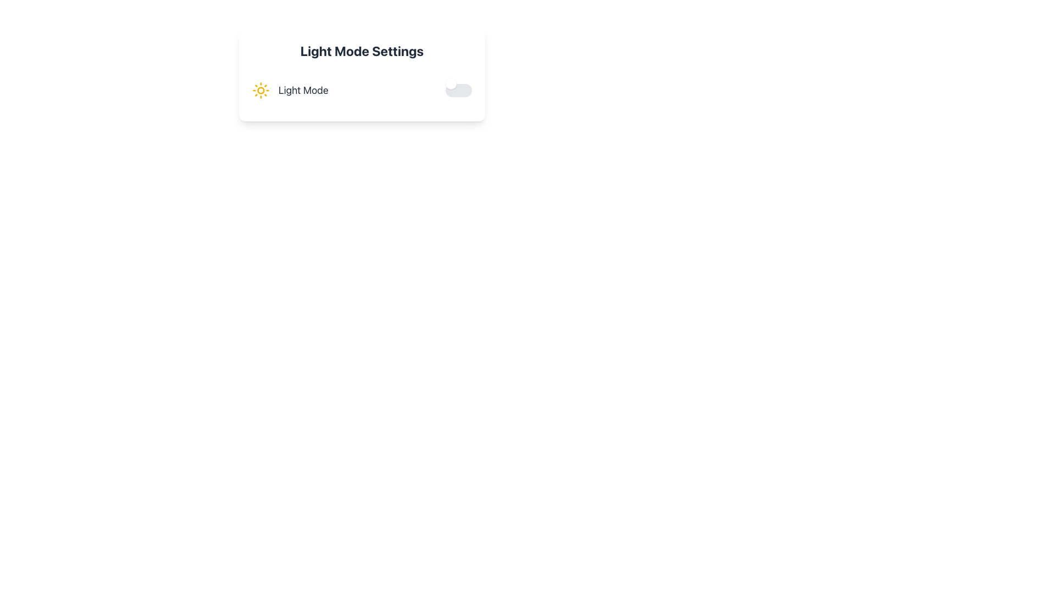 This screenshot has height=593, width=1055. What do you see at coordinates (290, 90) in the screenshot?
I see `the Static Label indicating the current mode (e.g., Light Mode)` at bounding box center [290, 90].